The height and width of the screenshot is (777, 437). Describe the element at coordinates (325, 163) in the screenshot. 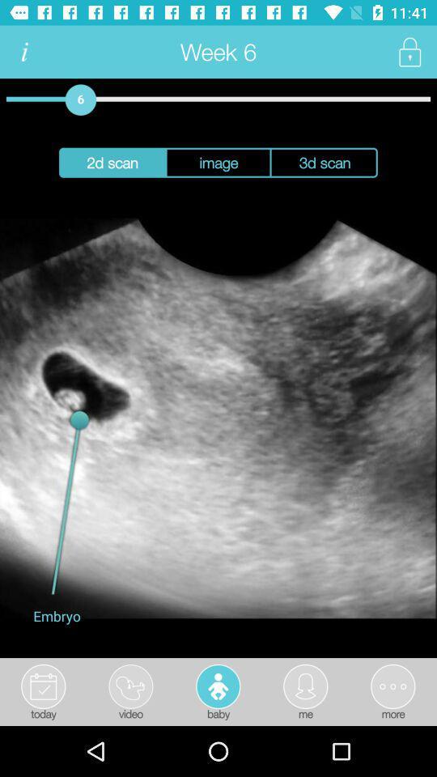

I see `button next to the image` at that location.